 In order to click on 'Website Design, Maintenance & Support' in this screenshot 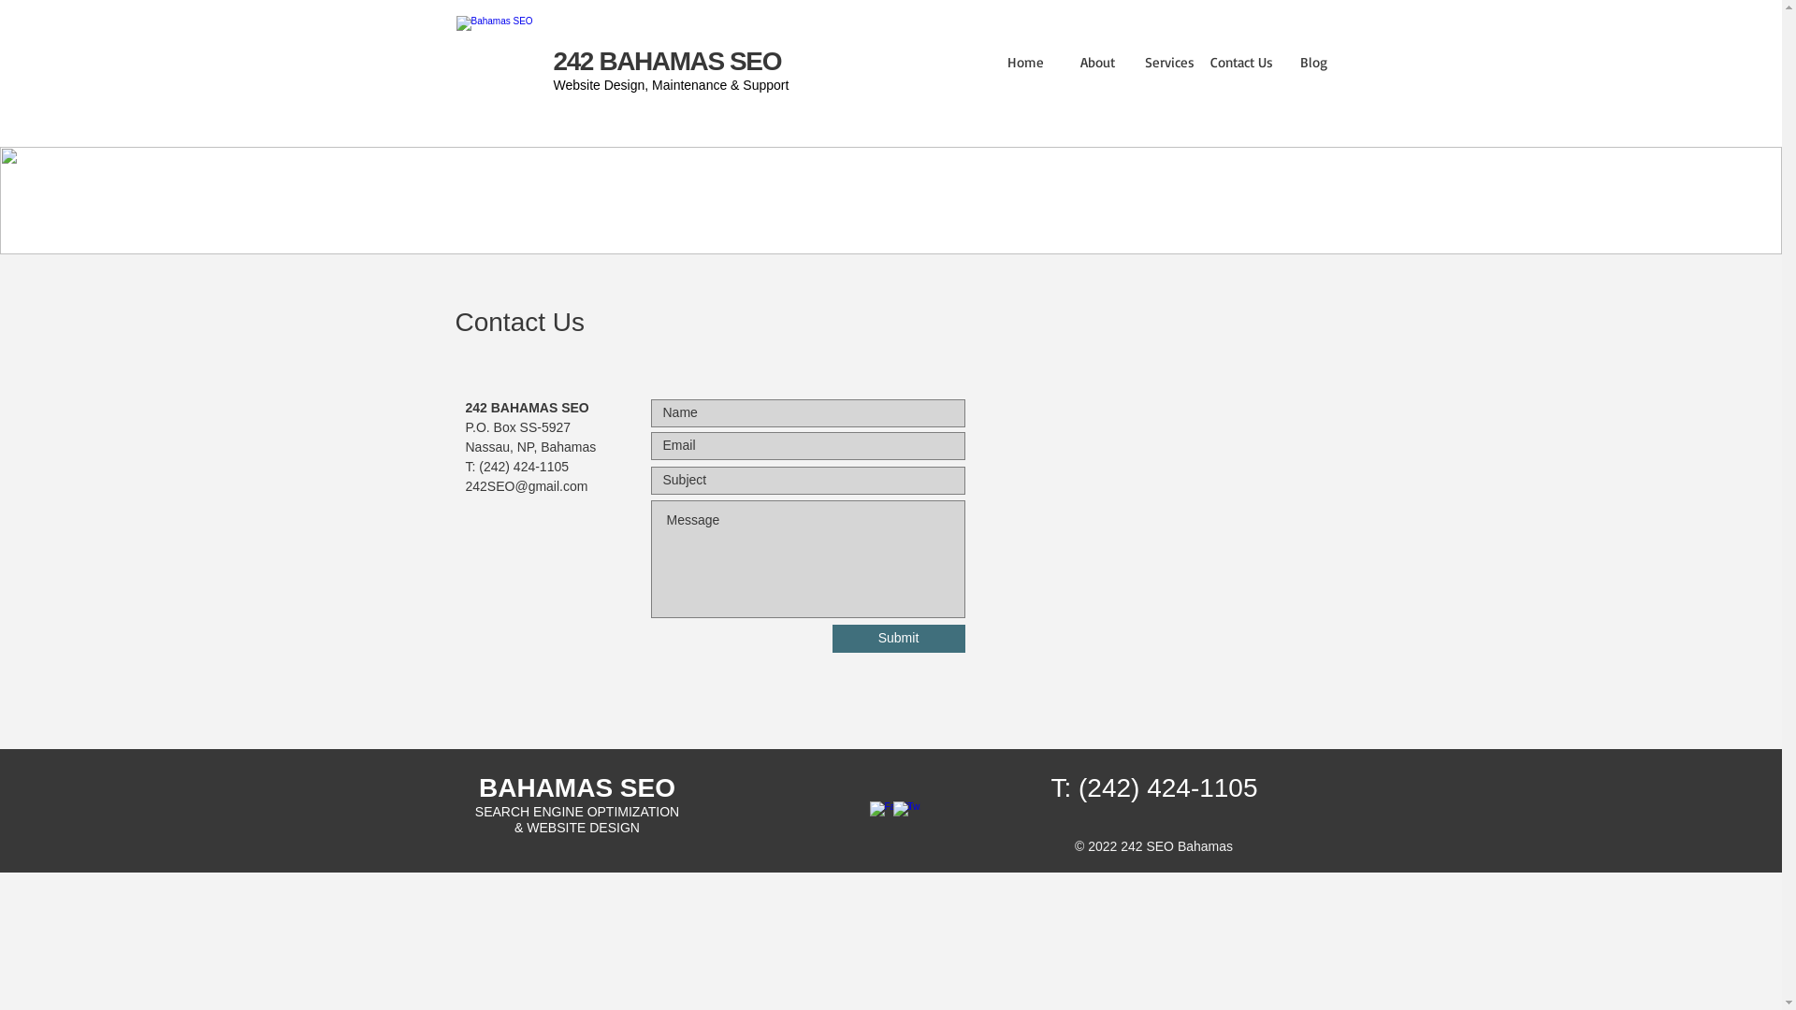, I will do `click(552, 85)`.